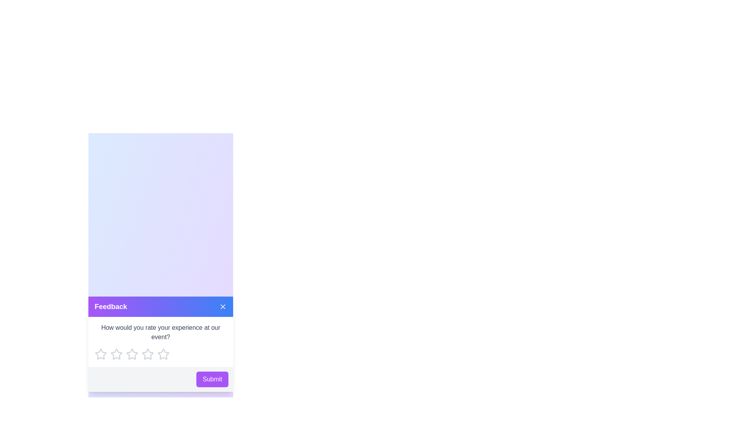 The height and width of the screenshot is (422, 751). Describe the element at coordinates (132, 354) in the screenshot. I see `the second star in the horizontal arrangement of five stars` at that location.